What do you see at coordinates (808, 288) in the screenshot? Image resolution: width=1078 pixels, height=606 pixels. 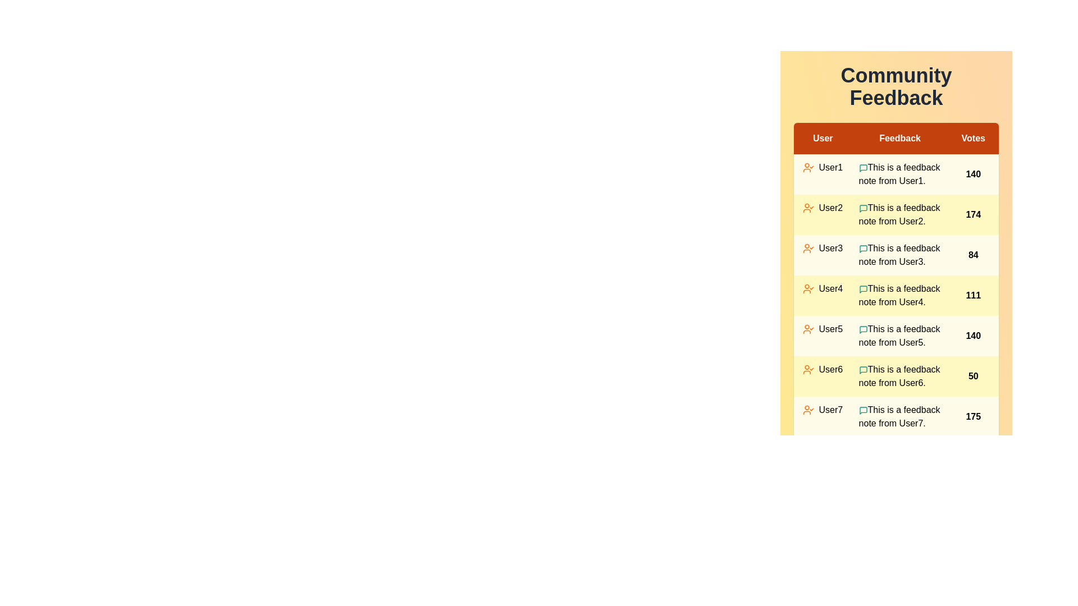 I see `the user icon corresponding to User4 to view their details` at bounding box center [808, 288].